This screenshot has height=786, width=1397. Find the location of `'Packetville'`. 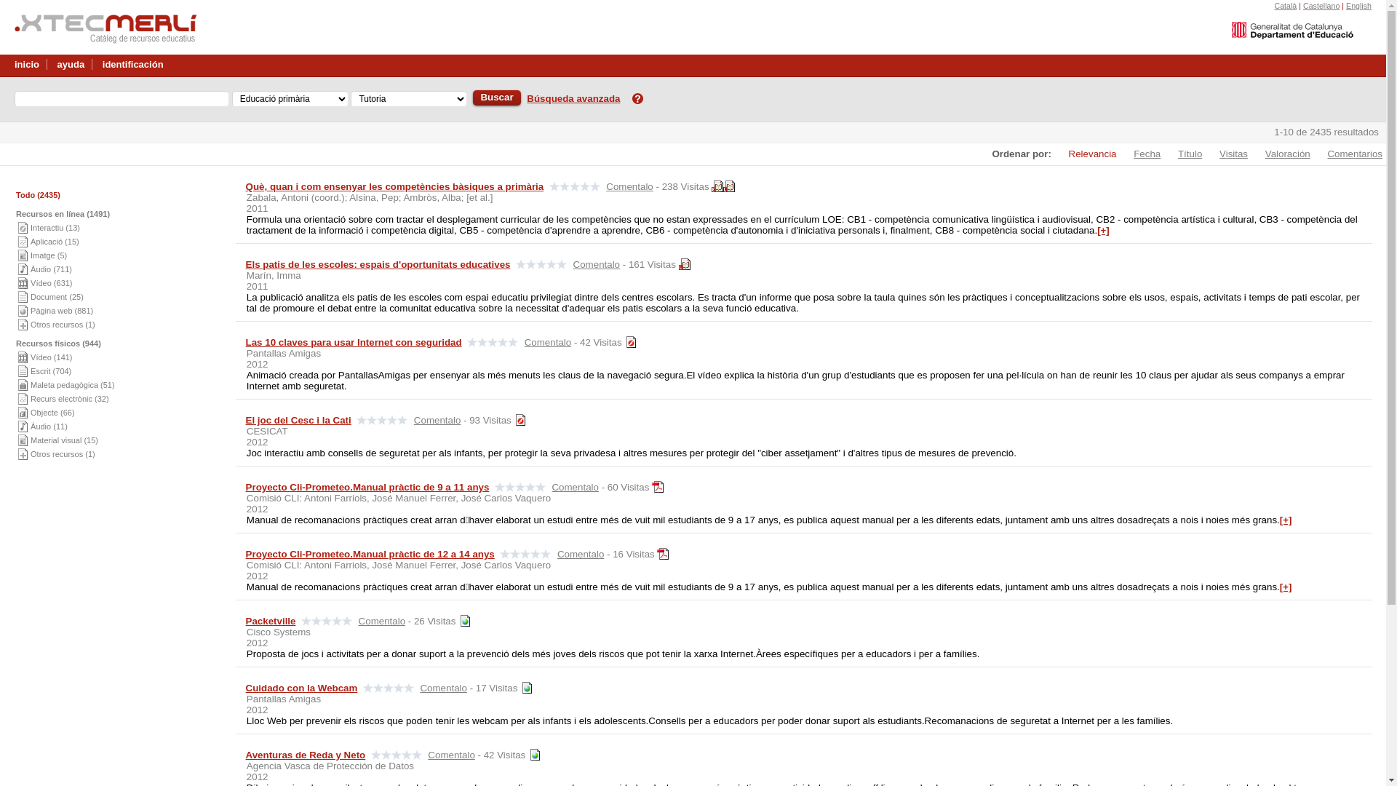

'Packetville' is located at coordinates (271, 621).